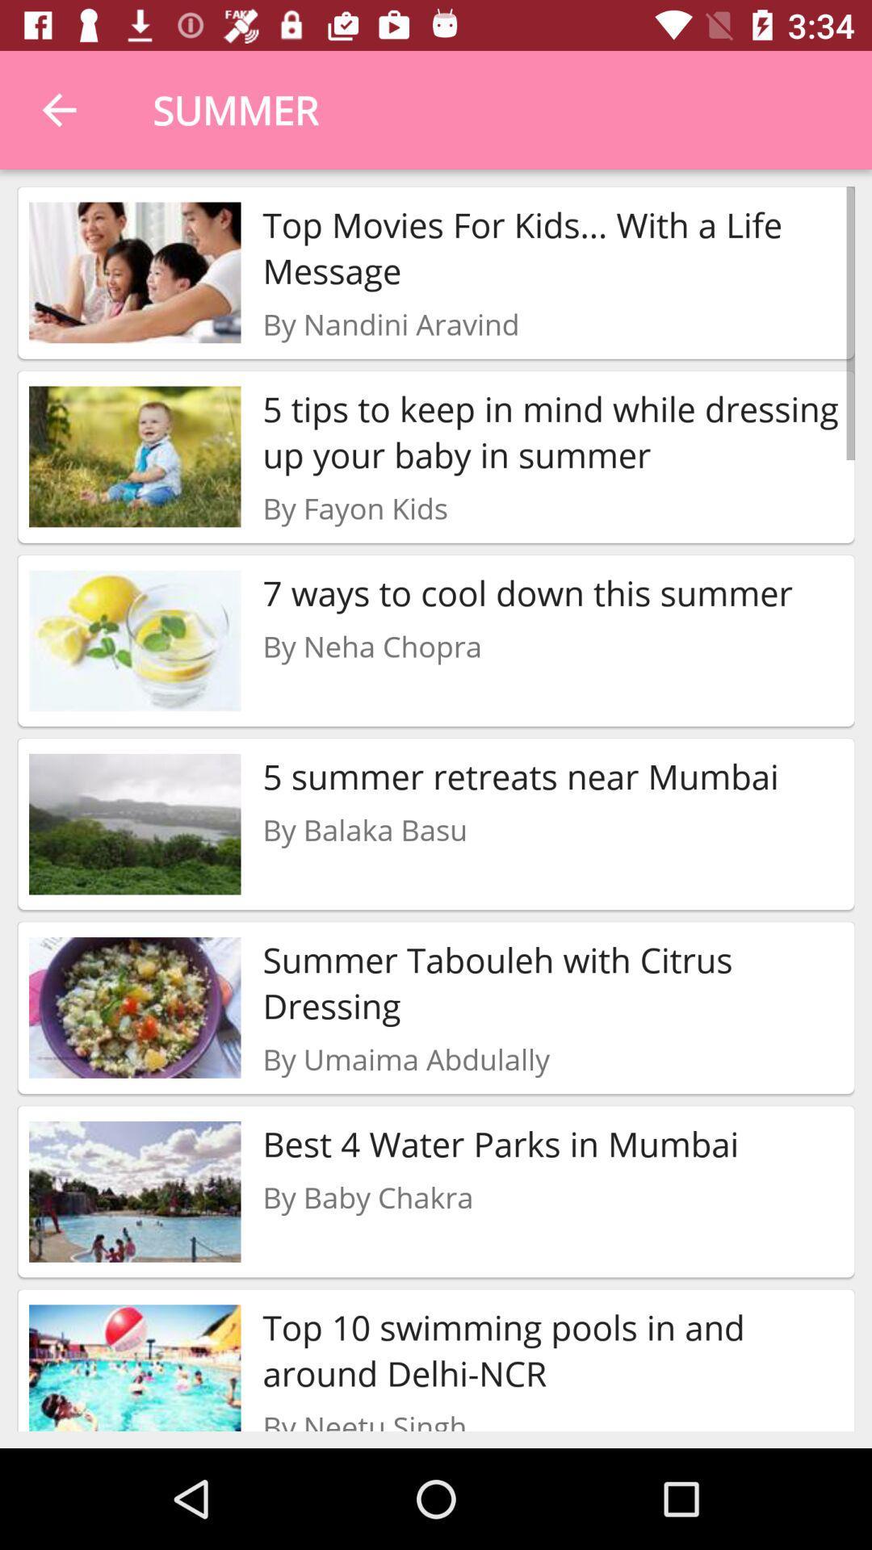 The height and width of the screenshot is (1550, 872). Describe the element at coordinates (365, 829) in the screenshot. I see `item above the summer tabouleh with item` at that location.